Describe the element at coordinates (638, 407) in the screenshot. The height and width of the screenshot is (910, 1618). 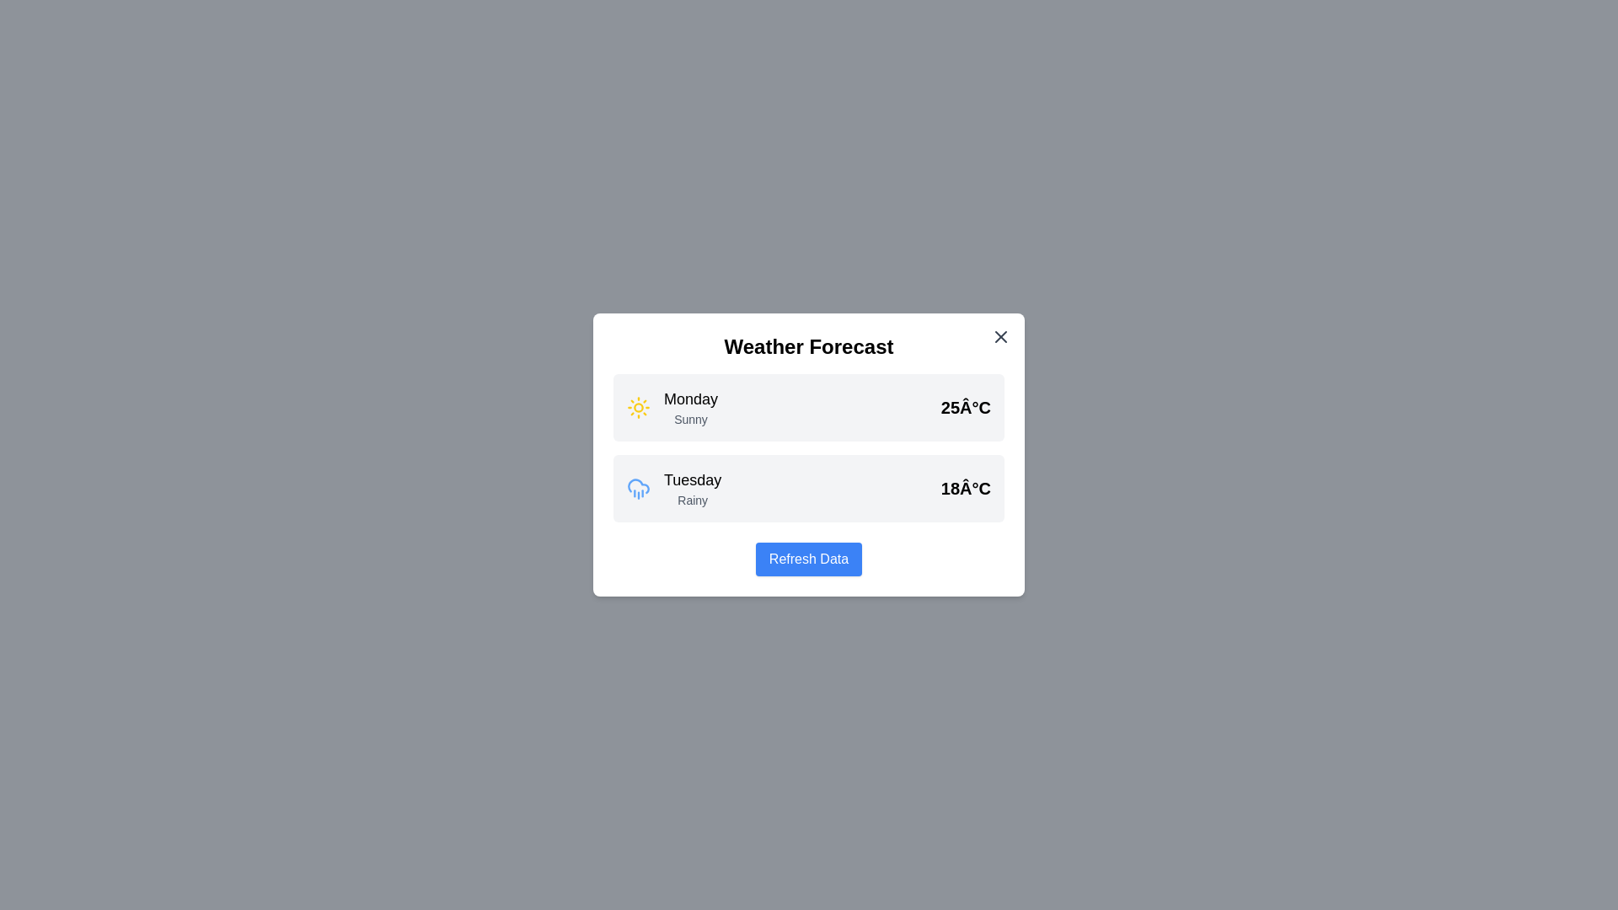
I see `the weather condition icon indicating a sunny day for Monday, positioned to the left of the 'Monday' label` at that location.